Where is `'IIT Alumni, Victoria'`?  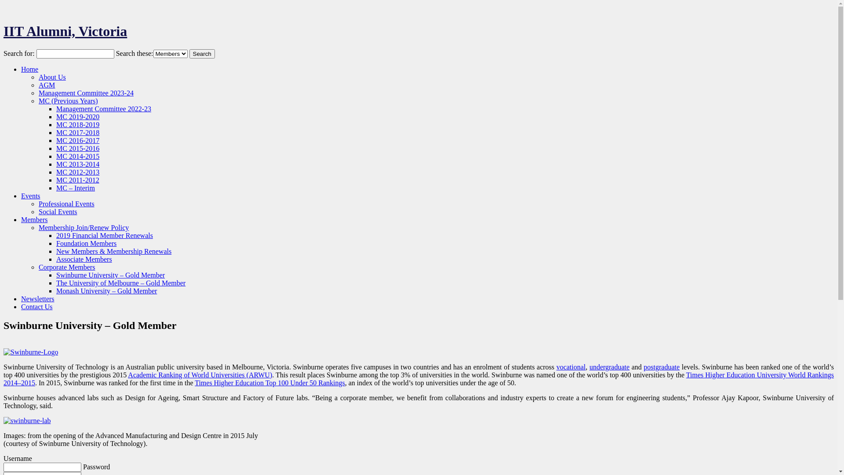
'IIT Alumni, Victoria' is located at coordinates (65, 30).